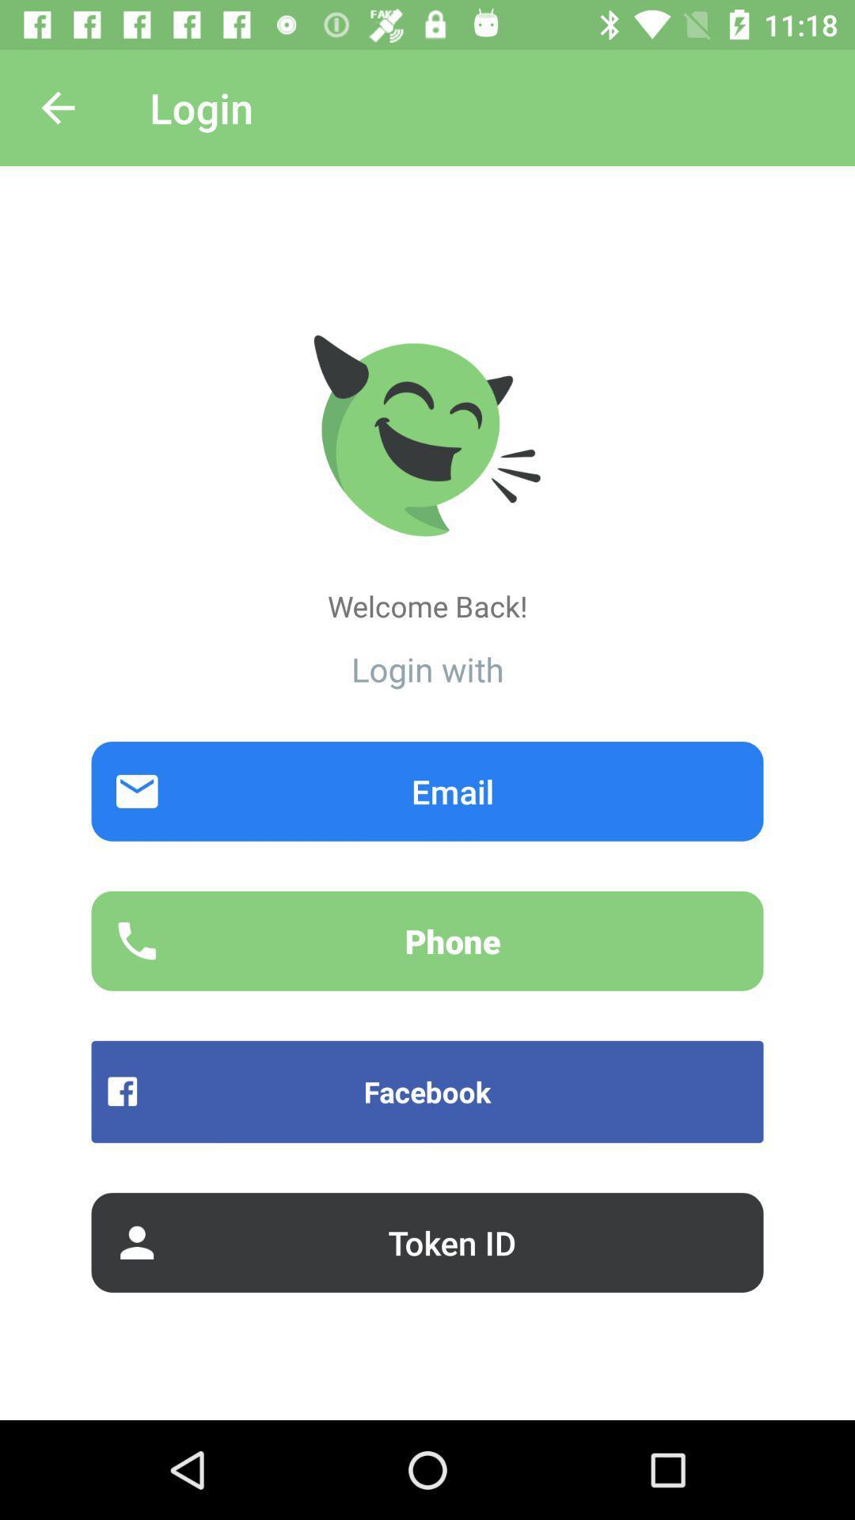 The height and width of the screenshot is (1520, 855). What do you see at coordinates (57, 107) in the screenshot?
I see `item next to the login item` at bounding box center [57, 107].